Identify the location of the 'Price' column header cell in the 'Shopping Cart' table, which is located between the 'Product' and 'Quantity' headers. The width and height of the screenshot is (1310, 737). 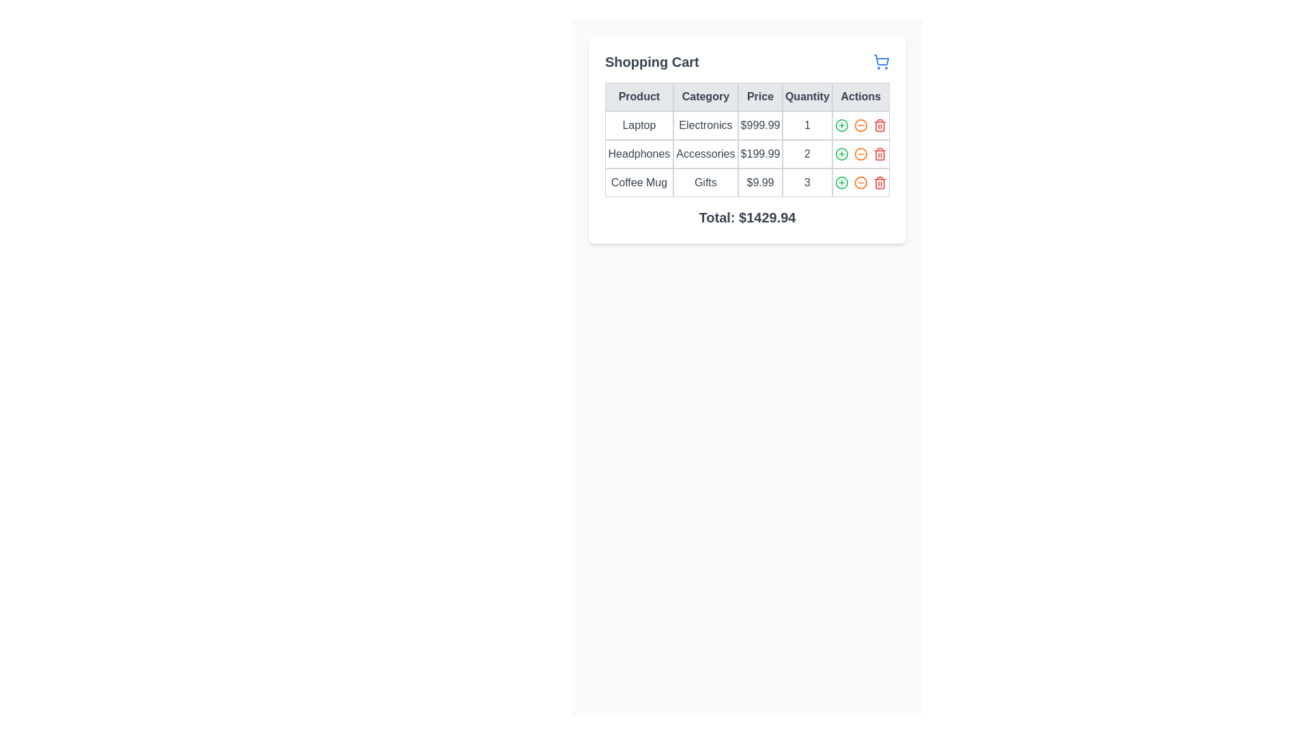
(746, 96).